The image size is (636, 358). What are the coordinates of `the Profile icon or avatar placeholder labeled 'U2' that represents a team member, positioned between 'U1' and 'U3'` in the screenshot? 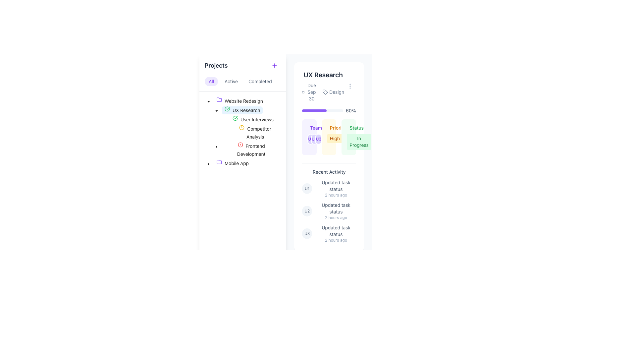 It's located at (314, 139).